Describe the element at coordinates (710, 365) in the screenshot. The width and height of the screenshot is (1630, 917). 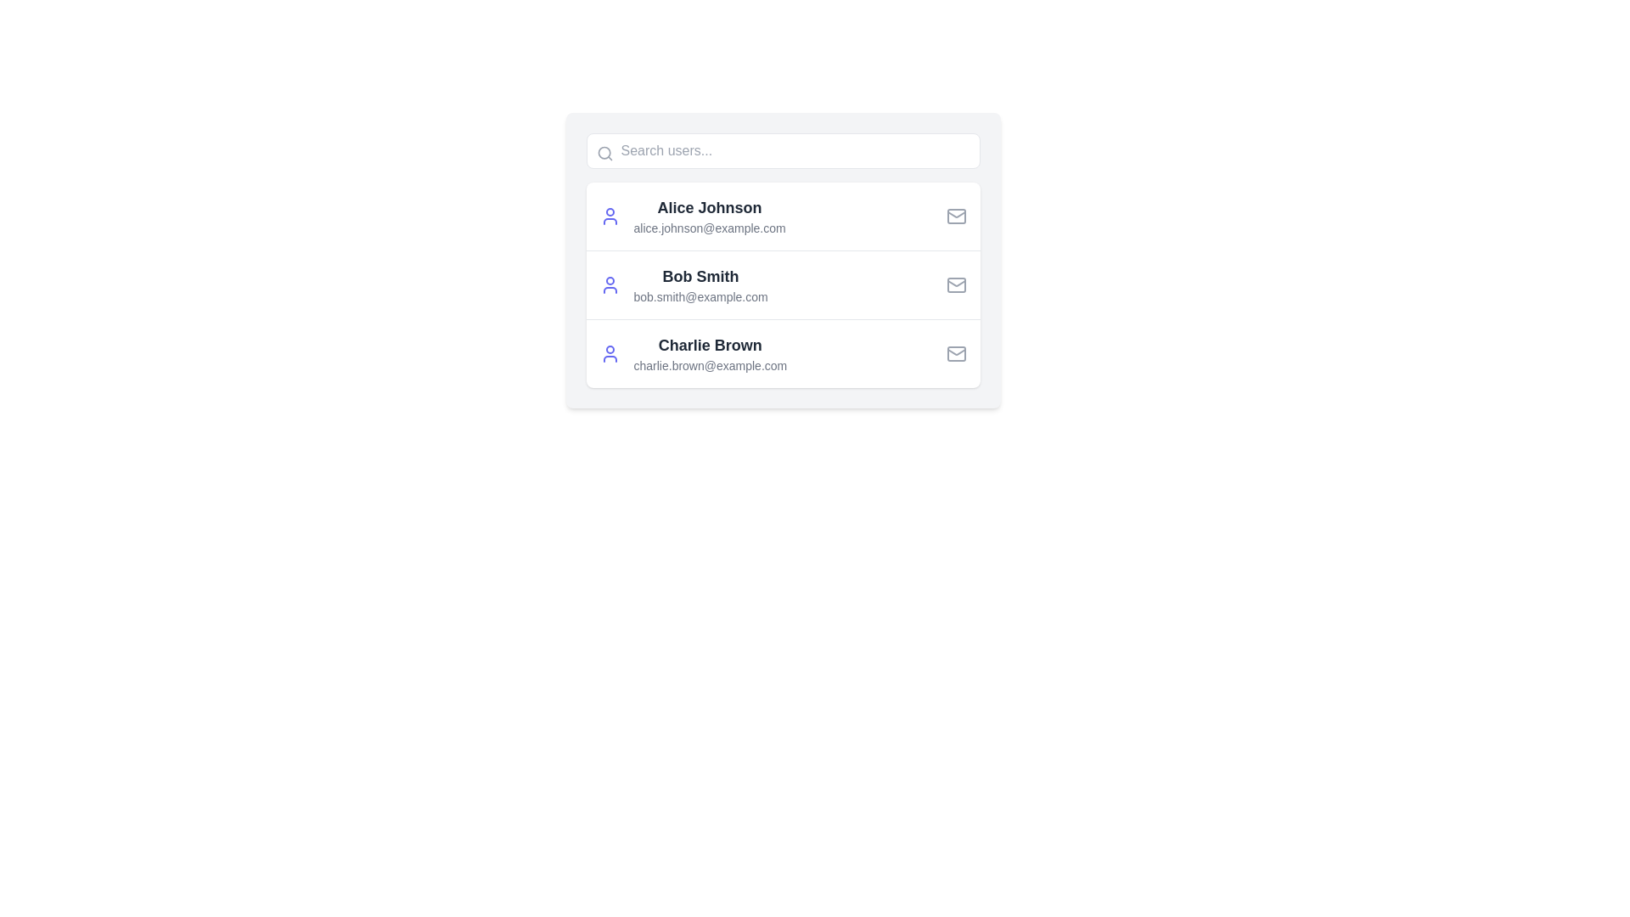
I see `the static text label displaying the email address for 'Charlie Brown', which is located at the bottom of the entry and aligned with the left edge of the name` at that location.